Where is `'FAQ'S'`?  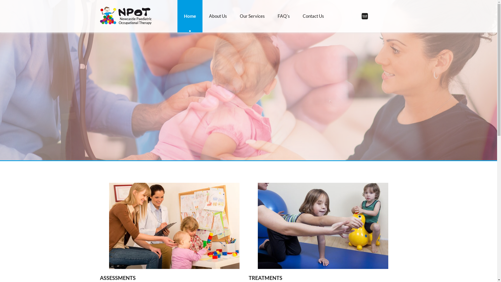 'FAQ'S' is located at coordinates (283, 16).